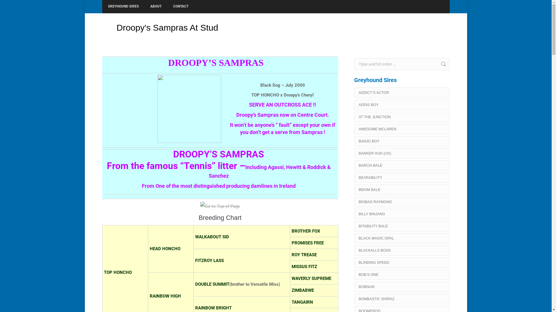  What do you see at coordinates (396, 28) in the screenshot?
I see `'Home'` at bounding box center [396, 28].